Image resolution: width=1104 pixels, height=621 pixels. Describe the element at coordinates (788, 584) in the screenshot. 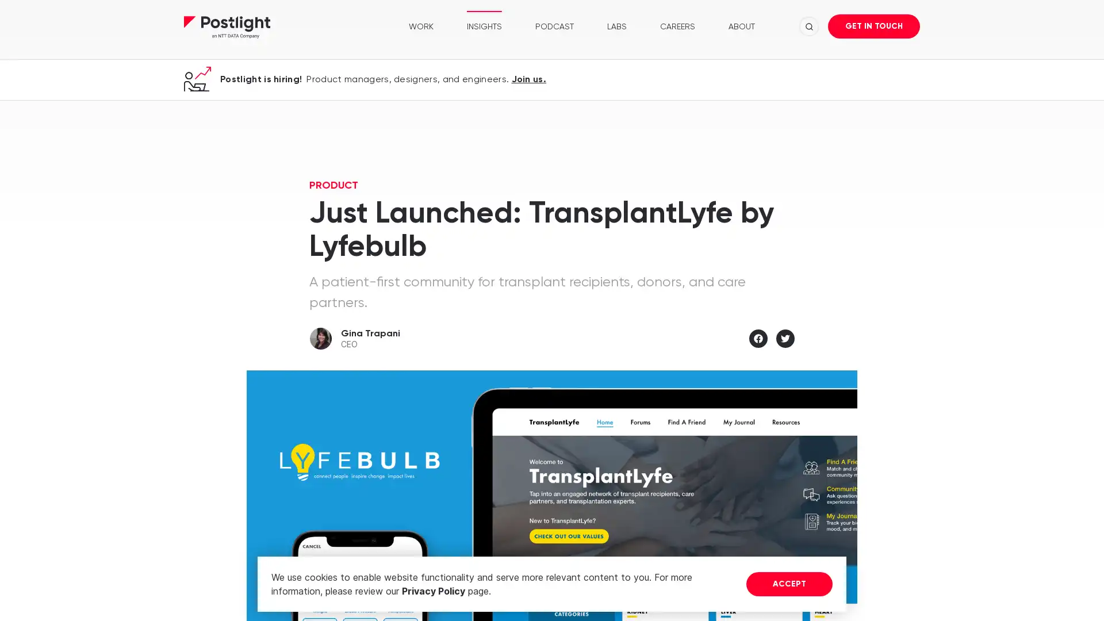

I see `dismiss cookie message` at that location.